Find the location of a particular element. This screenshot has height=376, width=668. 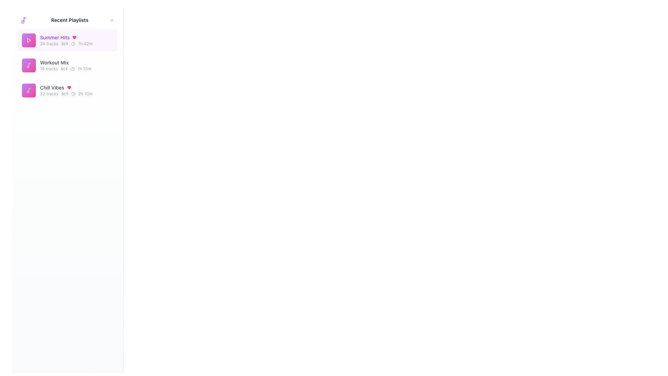

the text separator located between '24 tracks' and the graphical clock icon in the 'Summer Hits' playlist metadata line is located at coordinates (65, 44).